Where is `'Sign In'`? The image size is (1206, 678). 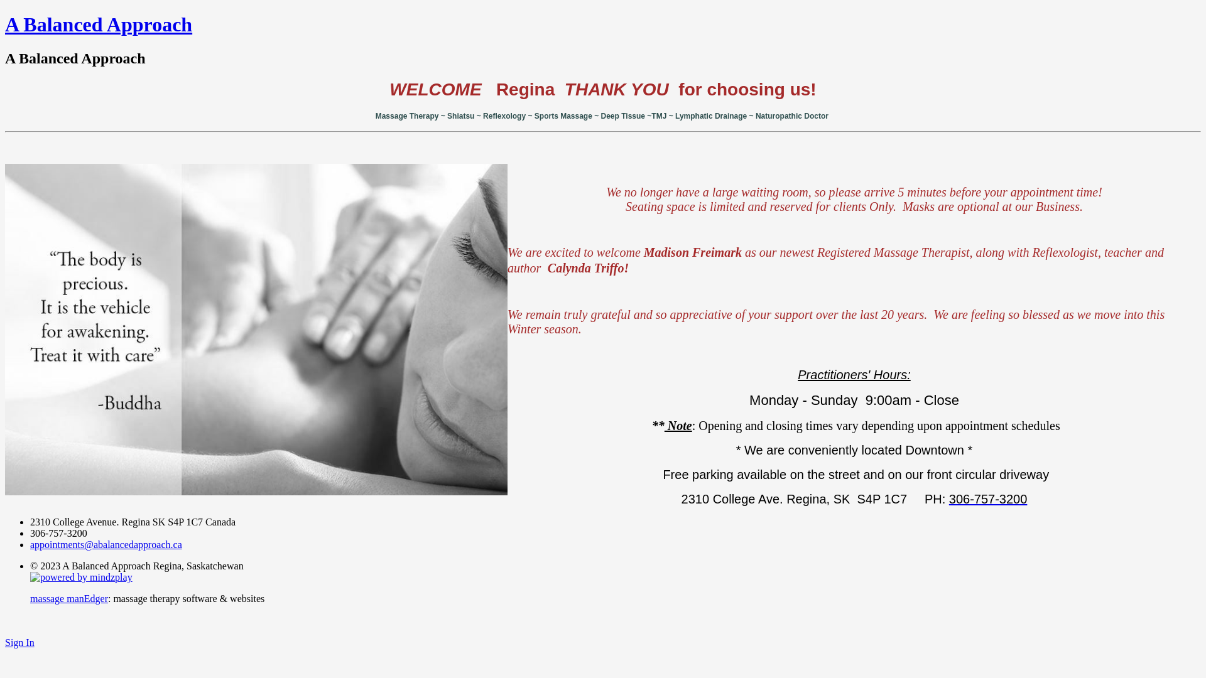 'Sign In' is located at coordinates (5, 642).